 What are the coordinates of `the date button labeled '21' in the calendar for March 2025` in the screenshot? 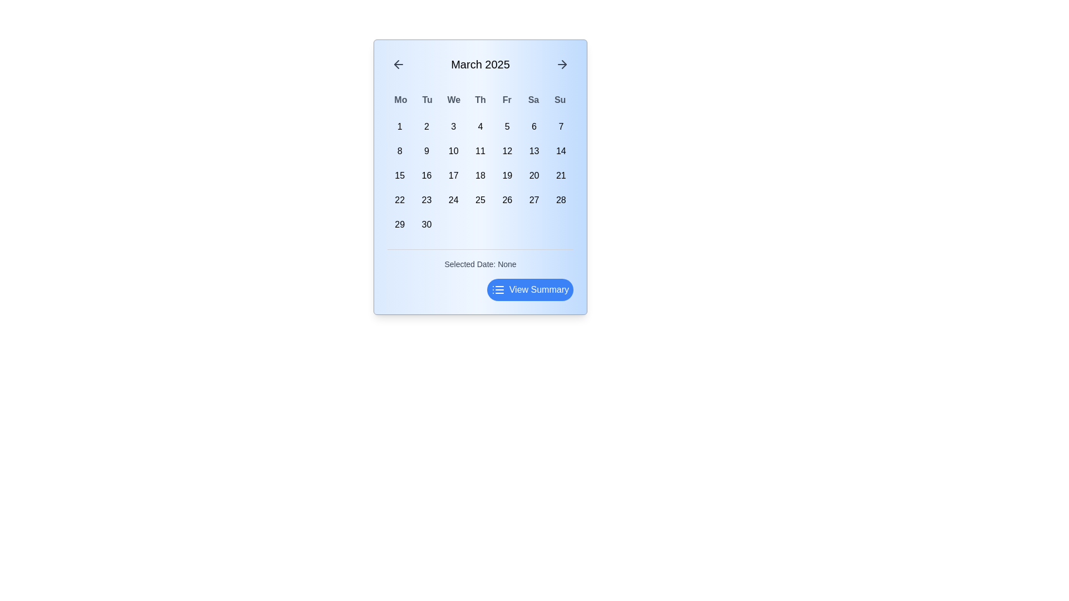 It's located at (561, 175).